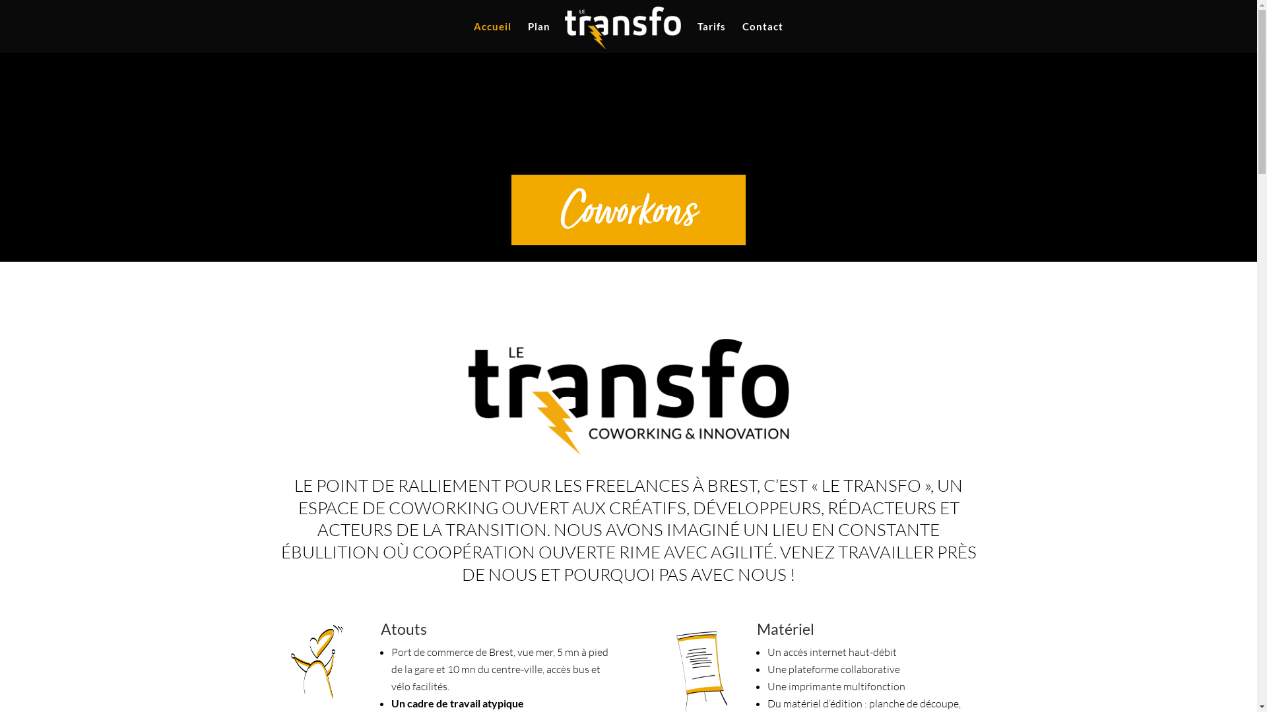 The height and width of the screenshot is (712, 1267). What do you see at coordinates (763, 36) in the screenshot?
I see `'Contact'` at bounding box center [763, 36].